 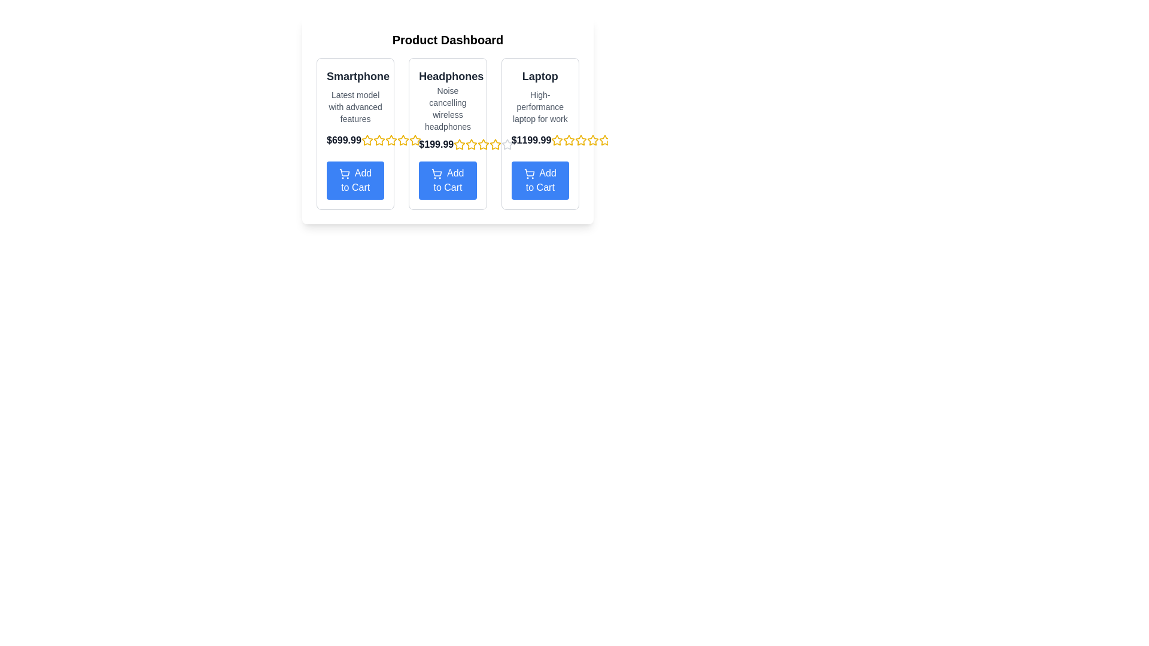 I want to click on the seventh star-shaped rating icon in vibrant yellow color located at the bottom of the 'Headphones' product card, so click(x=496, y=144).